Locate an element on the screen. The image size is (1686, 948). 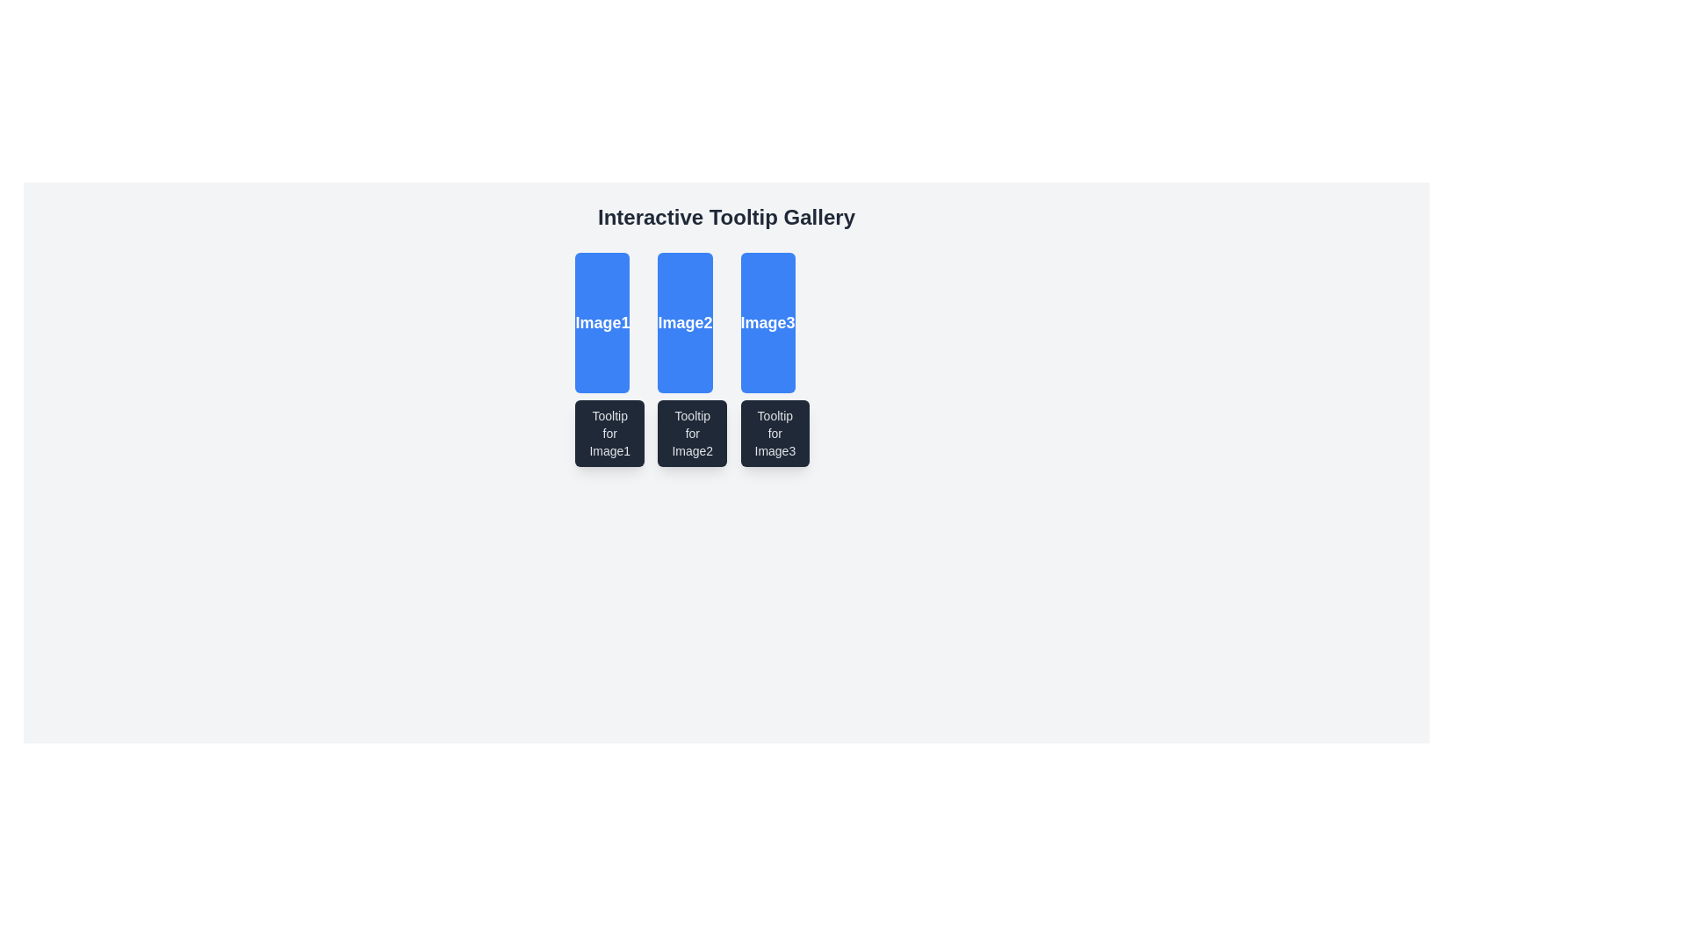
tooltip text 'Tooltip for Image1' which appears below the 'Image1' button, styled with a dark background and light-colored text is located at coordinates (609, 433).